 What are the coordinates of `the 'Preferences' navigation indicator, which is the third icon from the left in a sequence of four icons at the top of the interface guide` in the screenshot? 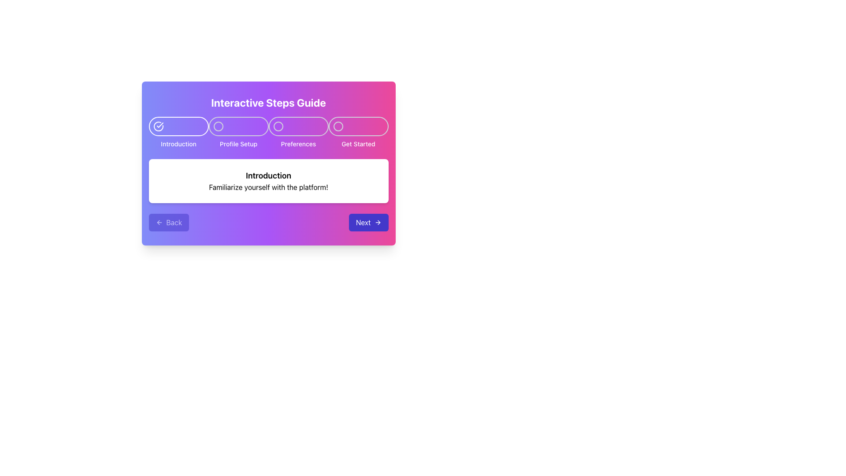 It's located at (278, 126).